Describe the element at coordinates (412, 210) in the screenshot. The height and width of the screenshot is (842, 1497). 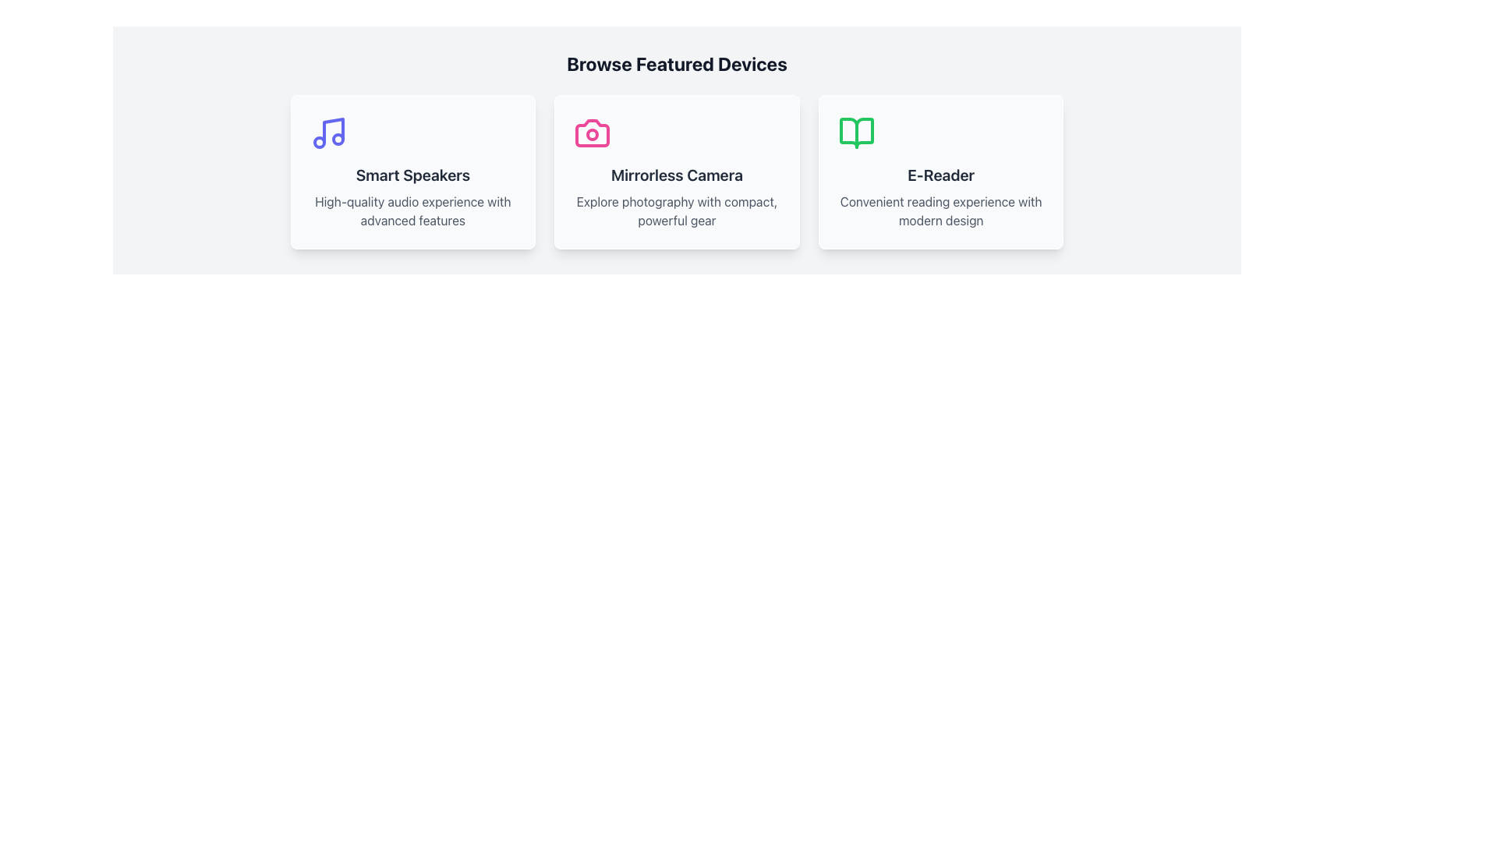
I see `the supporting description text located at the lower region of the 'Smart Speakers' box, which provides additional details about the product's features` at that location.